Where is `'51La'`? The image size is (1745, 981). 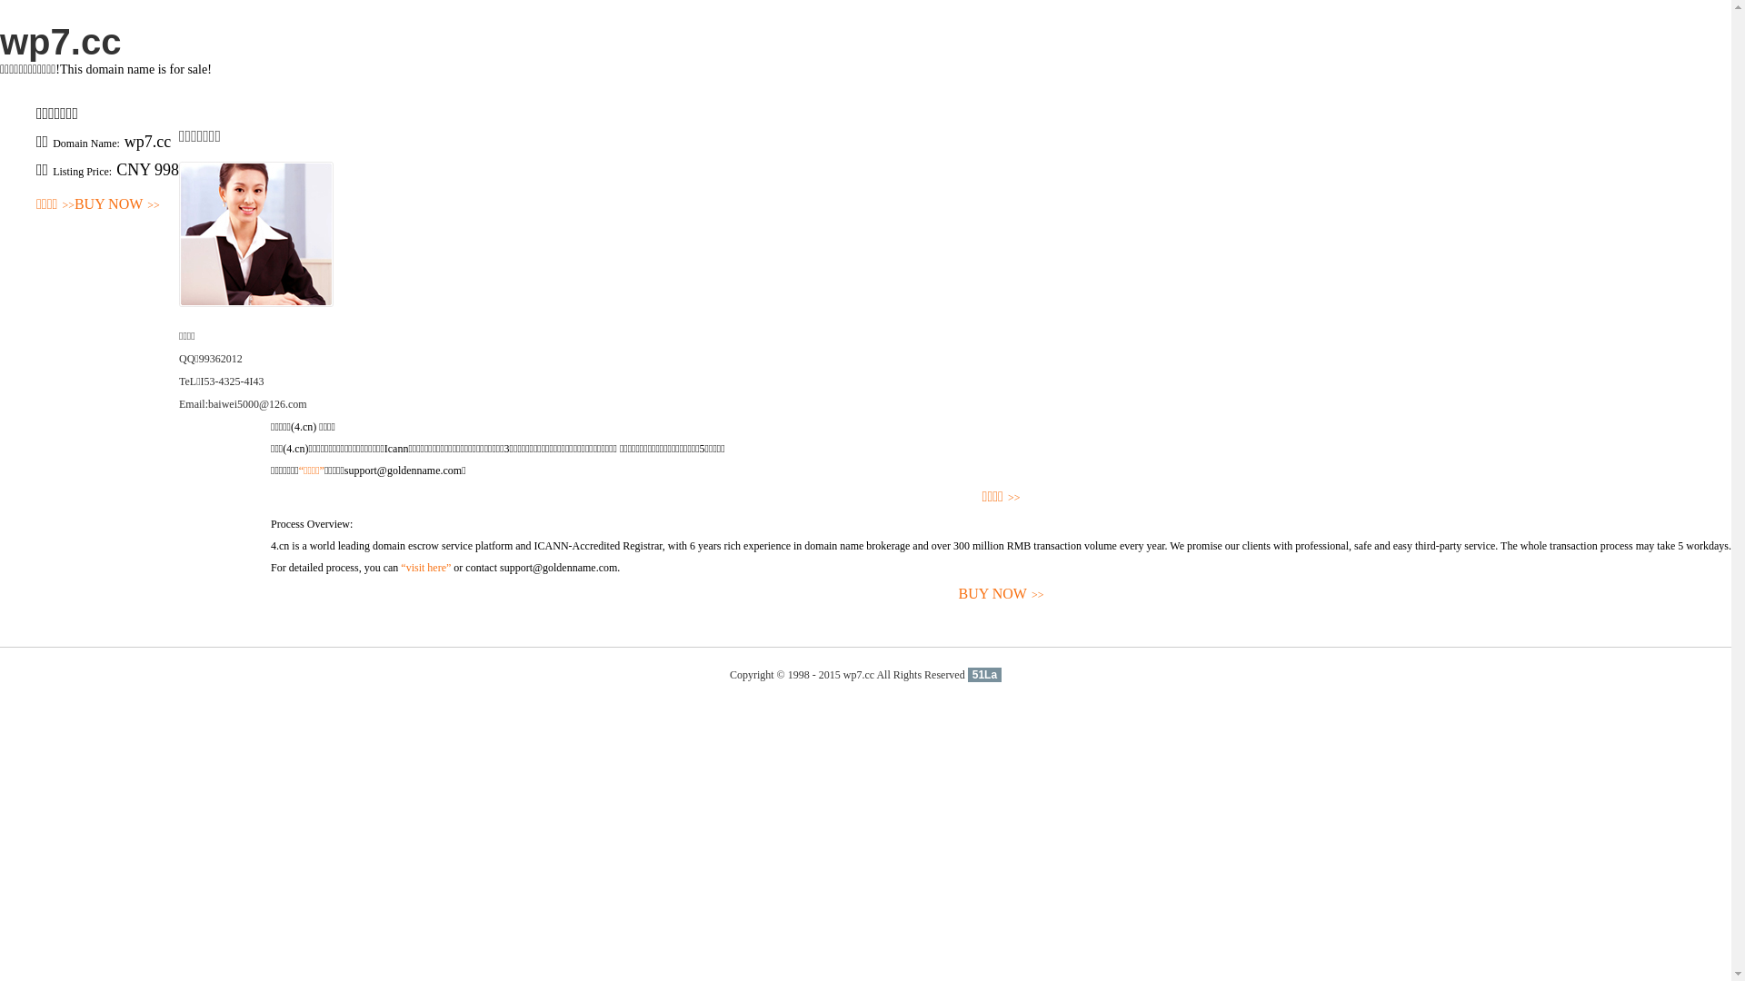 '51La' is located at coordinates (983, 675).